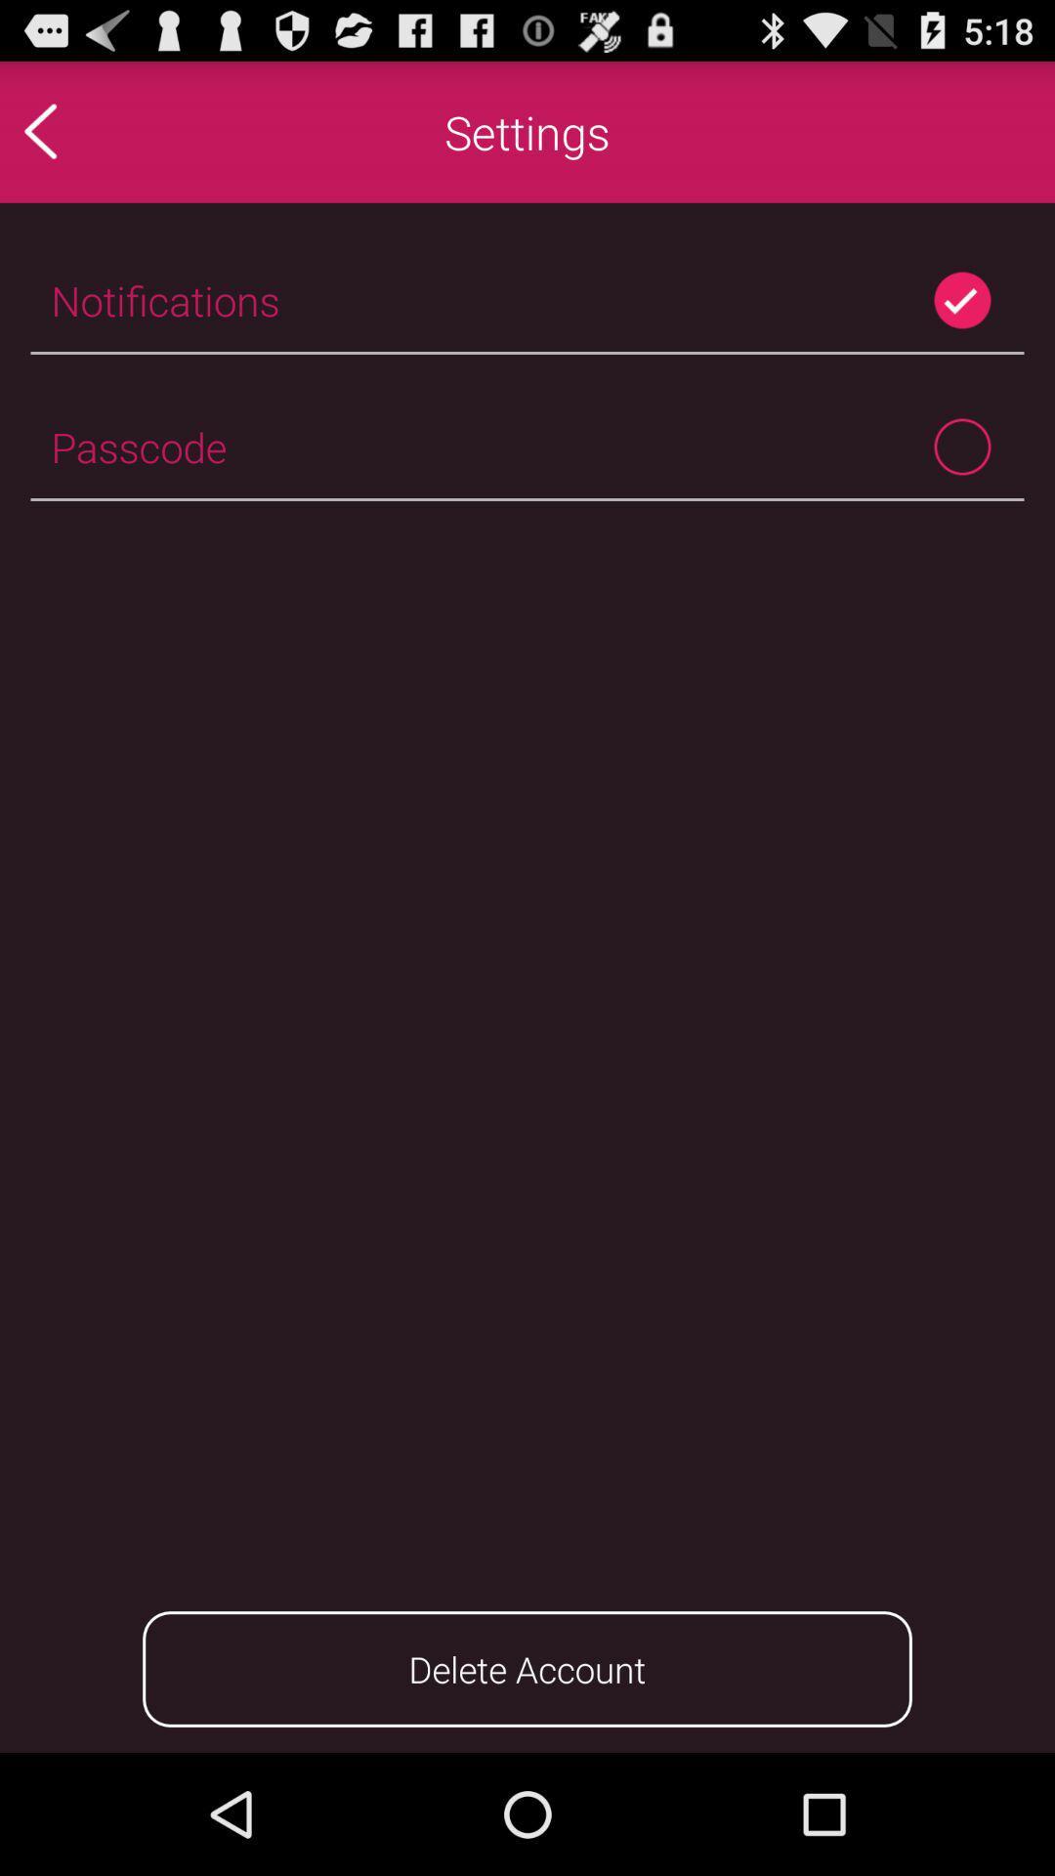 The image size is (1055, 1876). I want to click on the icon to the left of the settings app, so click(81, 130).